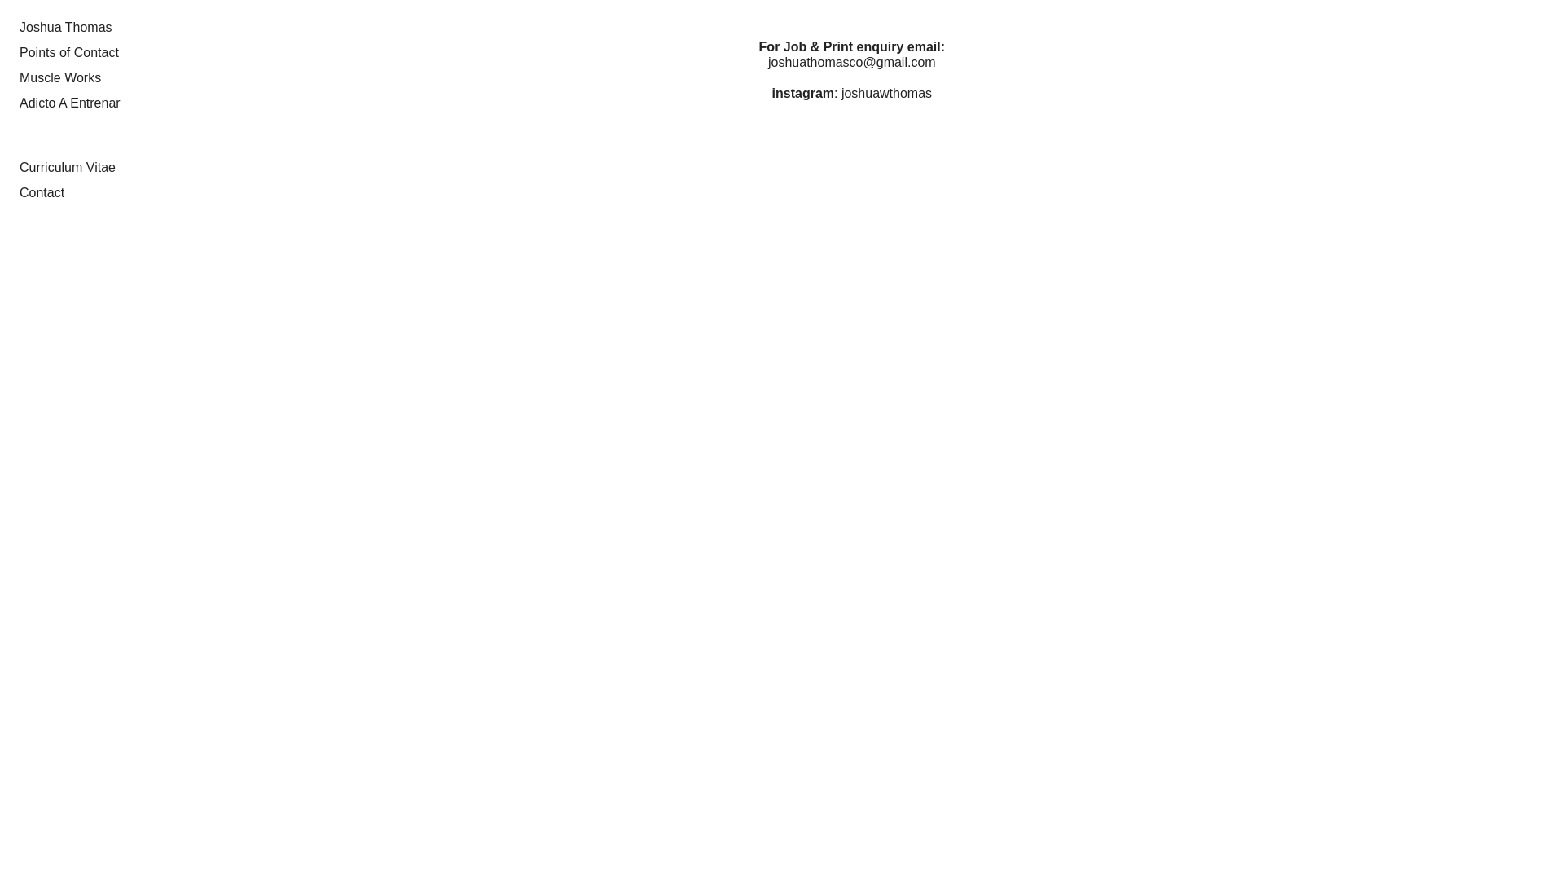  I want to click on 'Points of Contact', so click(68, 51).